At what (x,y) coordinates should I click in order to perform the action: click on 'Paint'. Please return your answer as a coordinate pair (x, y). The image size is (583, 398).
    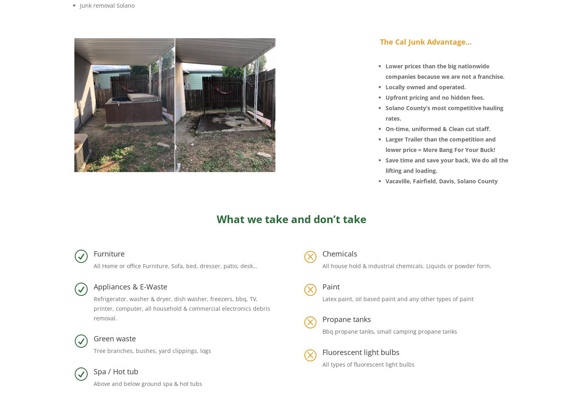
    Looking at the image, I should click on (331, 286).